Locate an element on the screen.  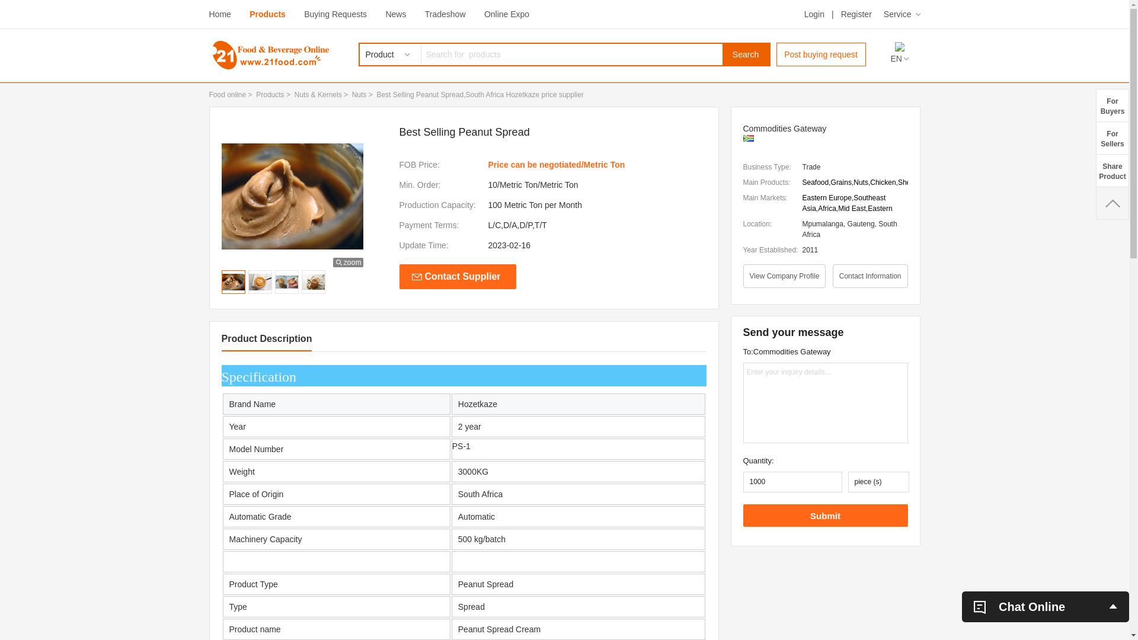
'For is located at coordinates (1095, 104).